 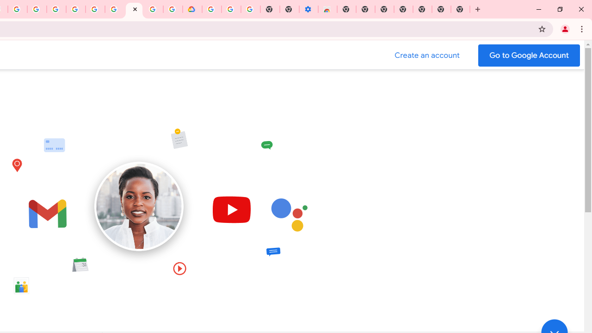 What do you see at coordinates (76, 9) in the screenshot?
I see `'Sign in - Google Accounts'` at bounding box center [76, 9].